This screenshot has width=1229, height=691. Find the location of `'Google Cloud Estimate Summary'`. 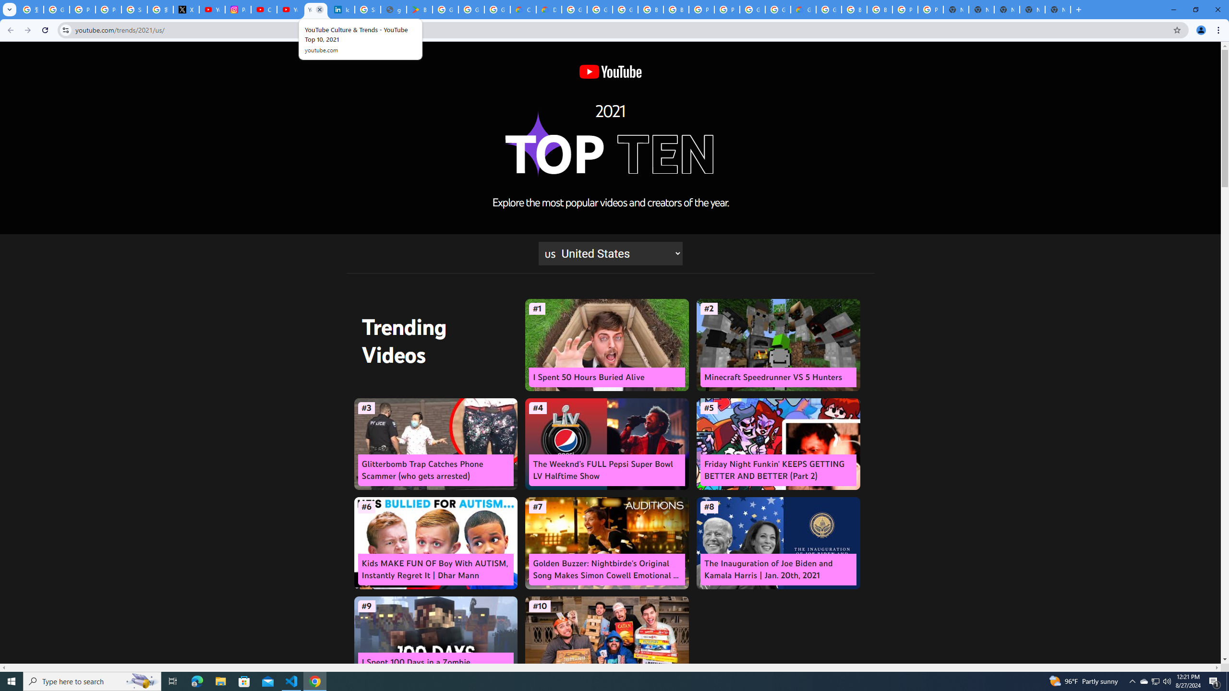

'Google Cloud Estimate Summary' is located at coordinates (804, 9).